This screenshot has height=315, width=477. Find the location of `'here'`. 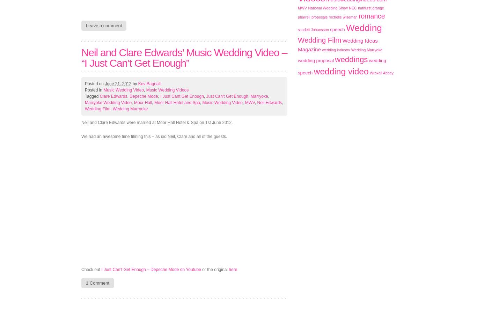

'here' is located at coordinates (233, 269).